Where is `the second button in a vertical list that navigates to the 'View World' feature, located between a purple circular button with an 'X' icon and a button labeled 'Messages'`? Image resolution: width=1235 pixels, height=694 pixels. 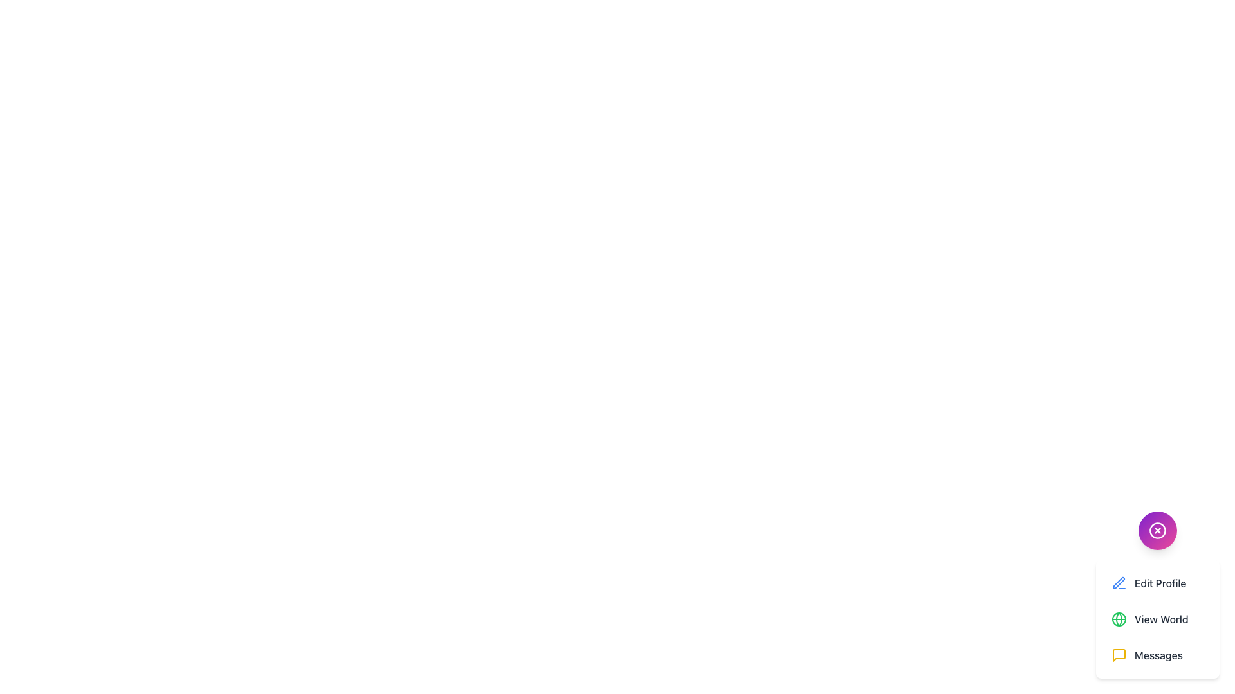
the second button in a vertical list that navigates to the 'View World' feature, located between a purple circular button with an 'X' icon and a button labeled 'Messages' is located at coordinates (1158, 619).